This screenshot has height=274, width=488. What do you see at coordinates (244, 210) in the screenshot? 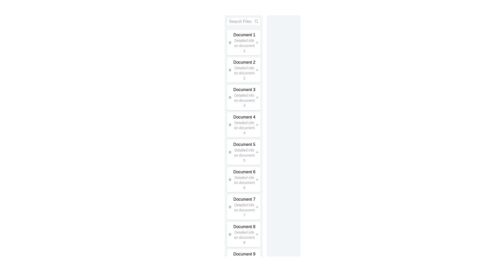
I see `the text label displaying 'Detailed info on document 7', which is styled with a smaller gray font and positioned below the bolded title 'Document 7'` at bounding box center [244, 210].